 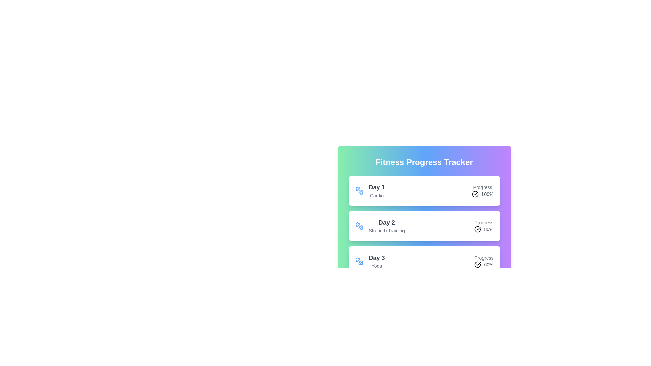 What do you see at coordinates (424, 191) in the screenshot?
I see `the workout item for Day 1 to view its details` at bounding box center [424, 191].